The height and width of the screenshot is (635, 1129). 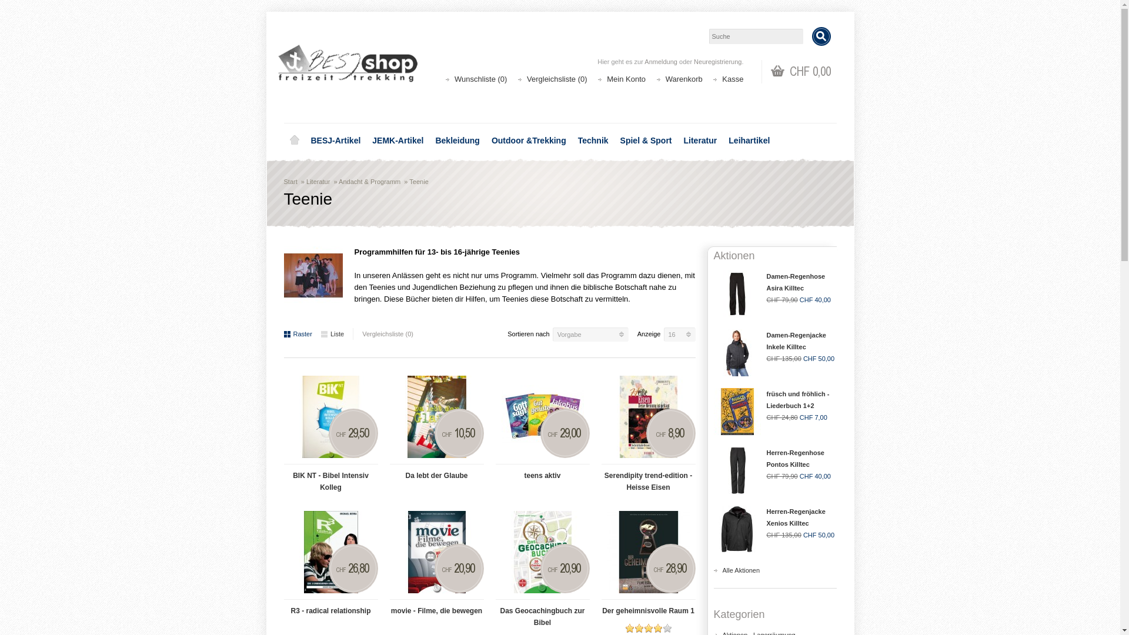 What do you see at coordinates (276, 65) in the screenshot?
I see `'BESJ-Shop'` at bounding box center [276, 65].